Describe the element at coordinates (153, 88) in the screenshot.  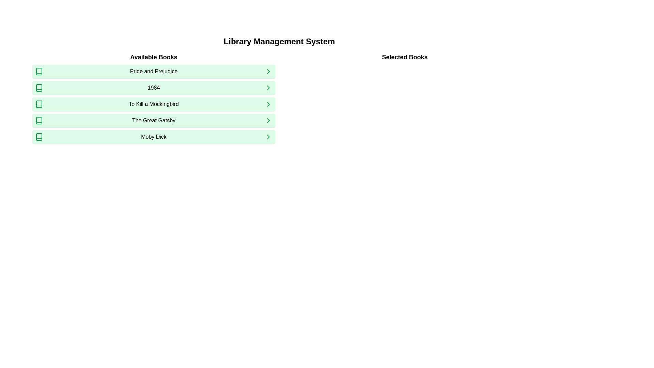
I see `to select the list item with the text '1984', which is styled with a light green background and includes a green book icon on the left and a right-facing chevron on the right` at that location.